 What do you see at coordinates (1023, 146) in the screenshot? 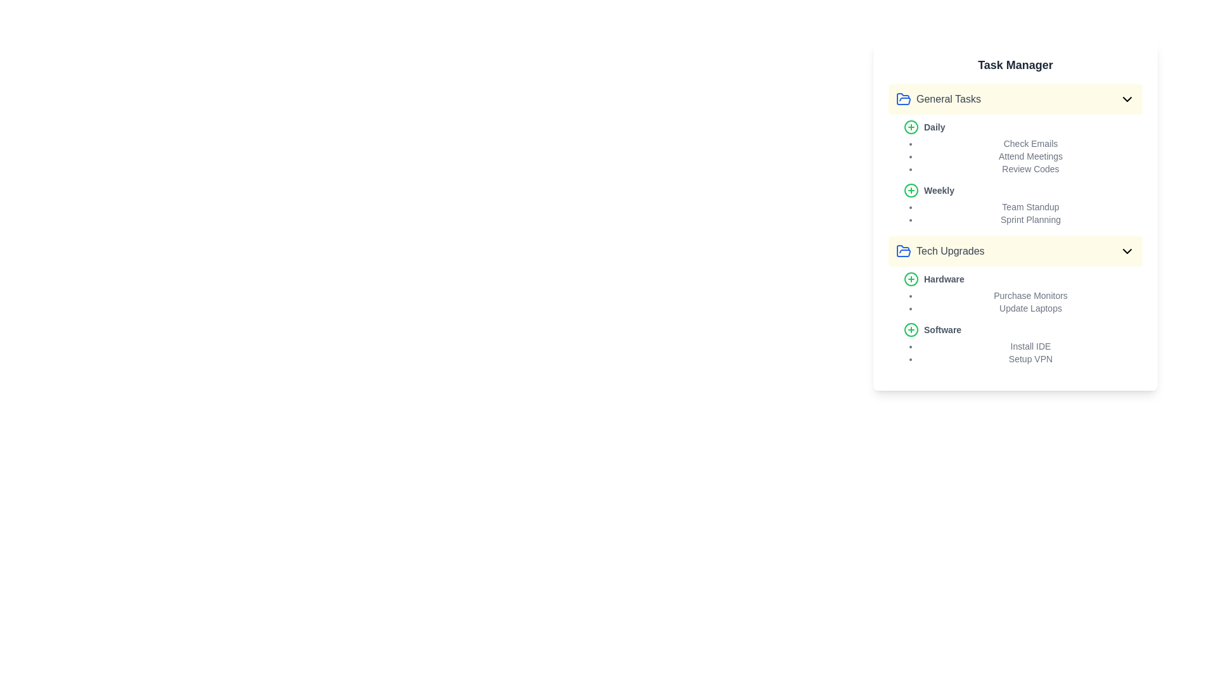
I see `items listed under the 'Daily' header in the 'General Tasks' section, which include 'Check Emails', 'Attend Meetings', and 'Review Codes'` at bounding box center [1023, 146].